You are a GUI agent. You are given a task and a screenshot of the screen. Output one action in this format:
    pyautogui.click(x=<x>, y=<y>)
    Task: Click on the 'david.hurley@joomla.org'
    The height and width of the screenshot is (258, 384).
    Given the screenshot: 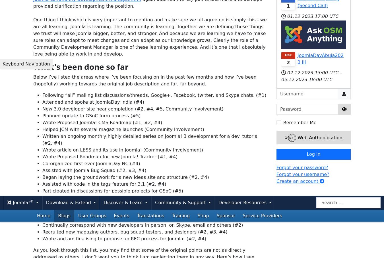 What is the action you would take?
    pyautogui.click(x=214, y=132)
    